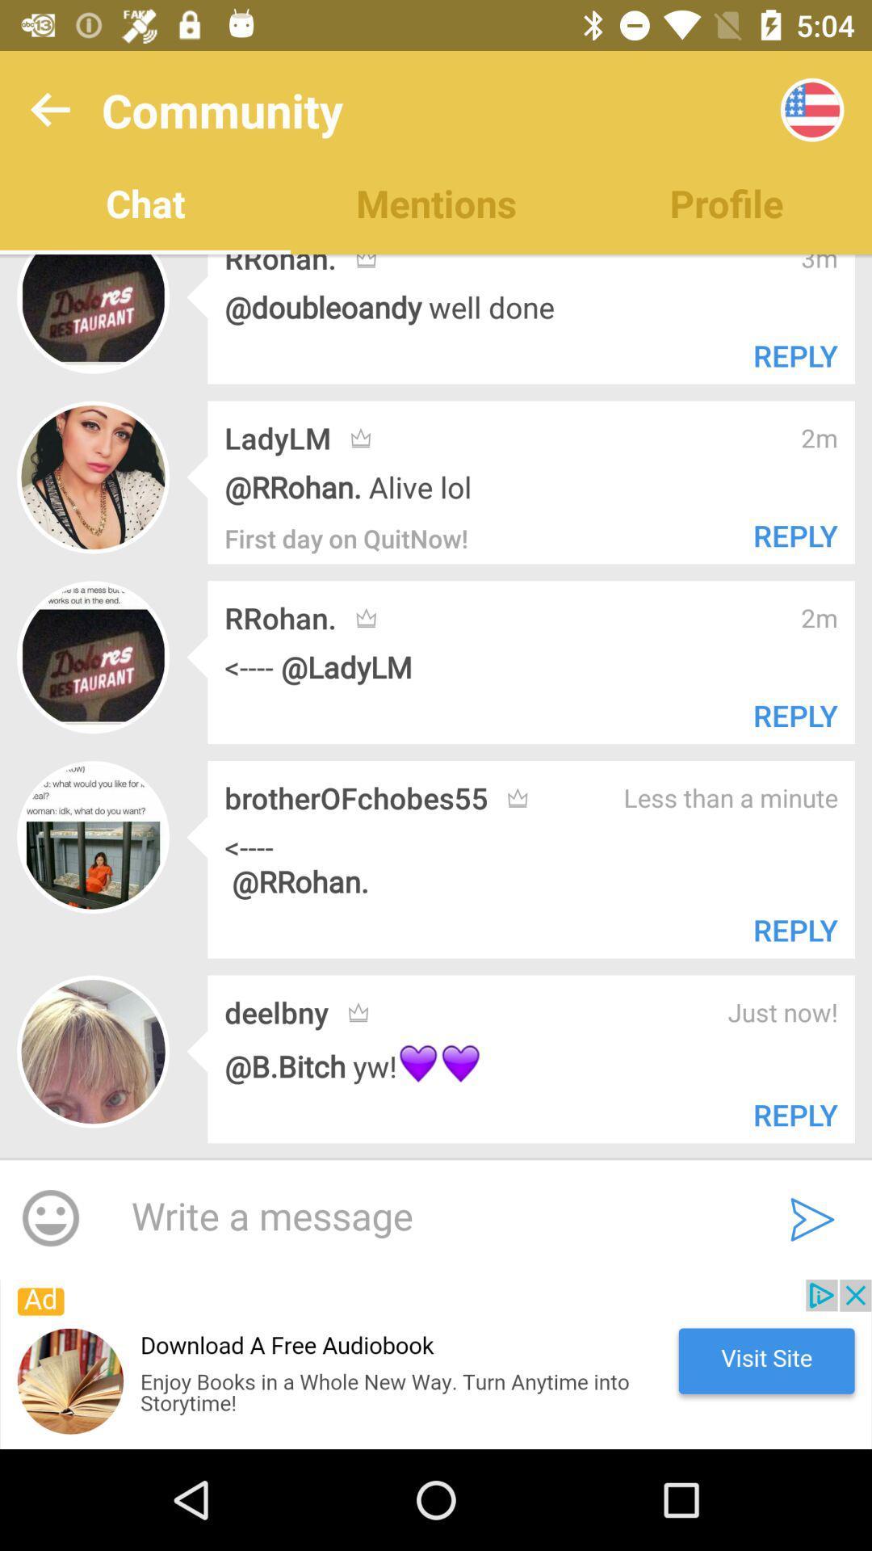 The width and height of the screenshot is (872, 1551). Describe the element at coordinates (786, 715) in the screenshot. I see `text which is beside rrohan` at that location.